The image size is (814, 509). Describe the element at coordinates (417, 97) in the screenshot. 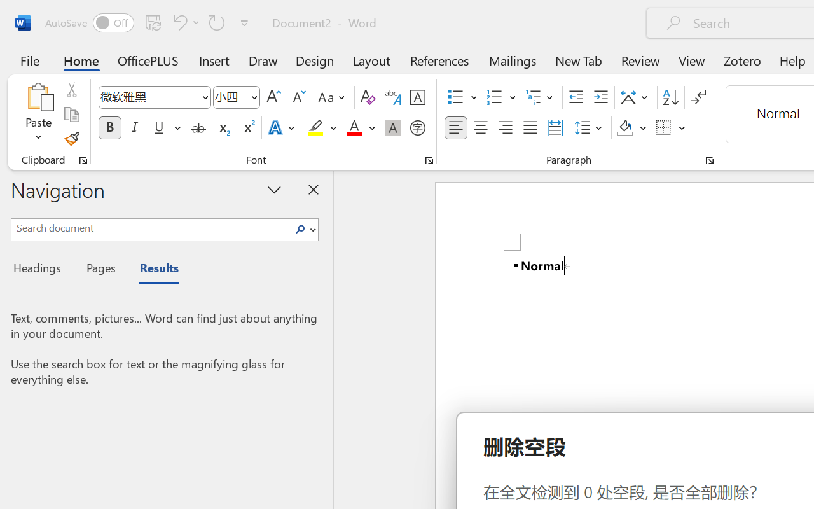

I see `'Character Border'` at that location.